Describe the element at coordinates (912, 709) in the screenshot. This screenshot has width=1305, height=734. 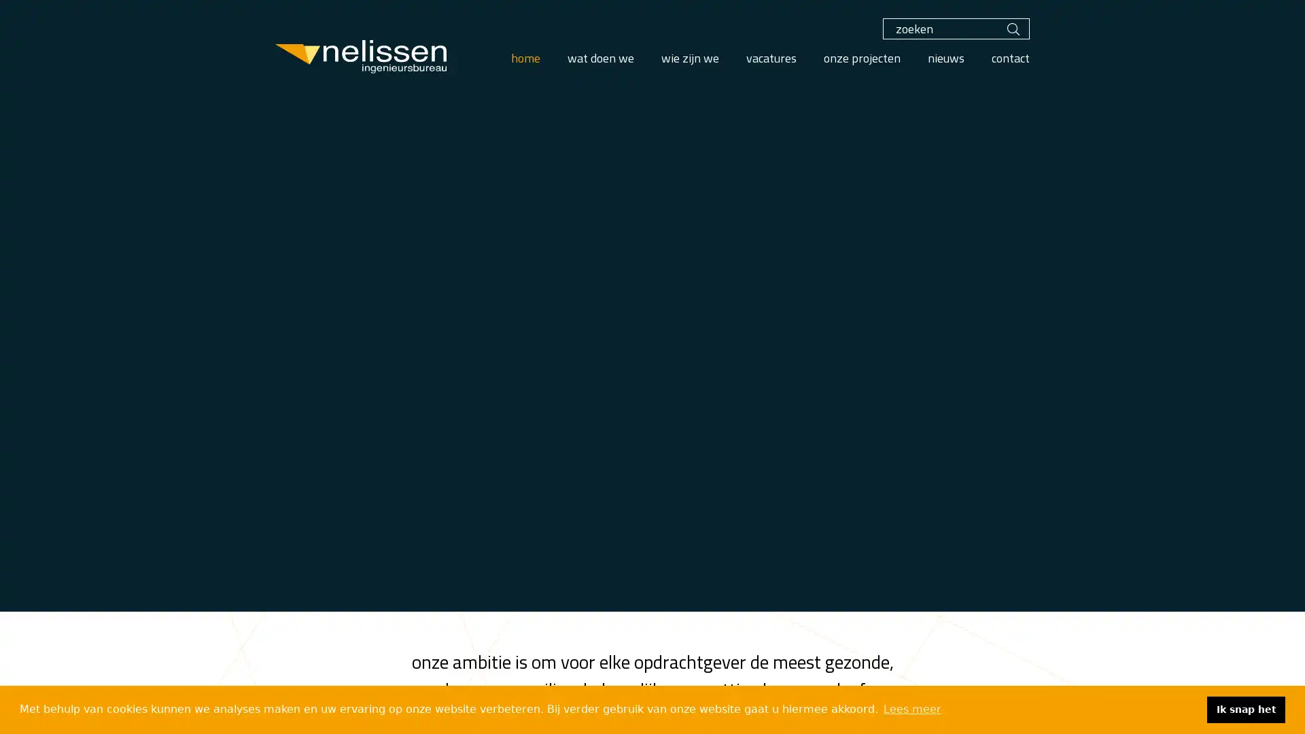
I see `learn more about cookies` at that location.